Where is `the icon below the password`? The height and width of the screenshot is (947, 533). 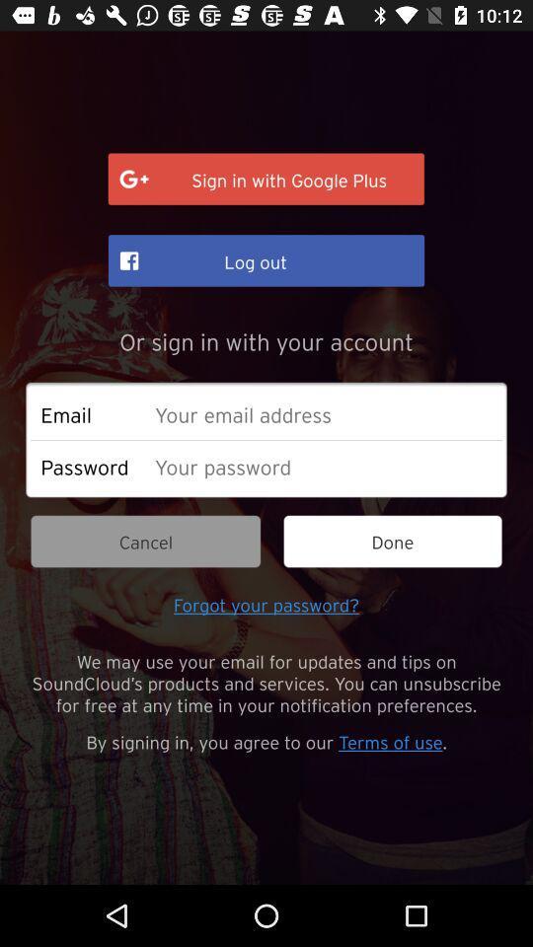
the icon below the password is located at coordinates (144, 542).